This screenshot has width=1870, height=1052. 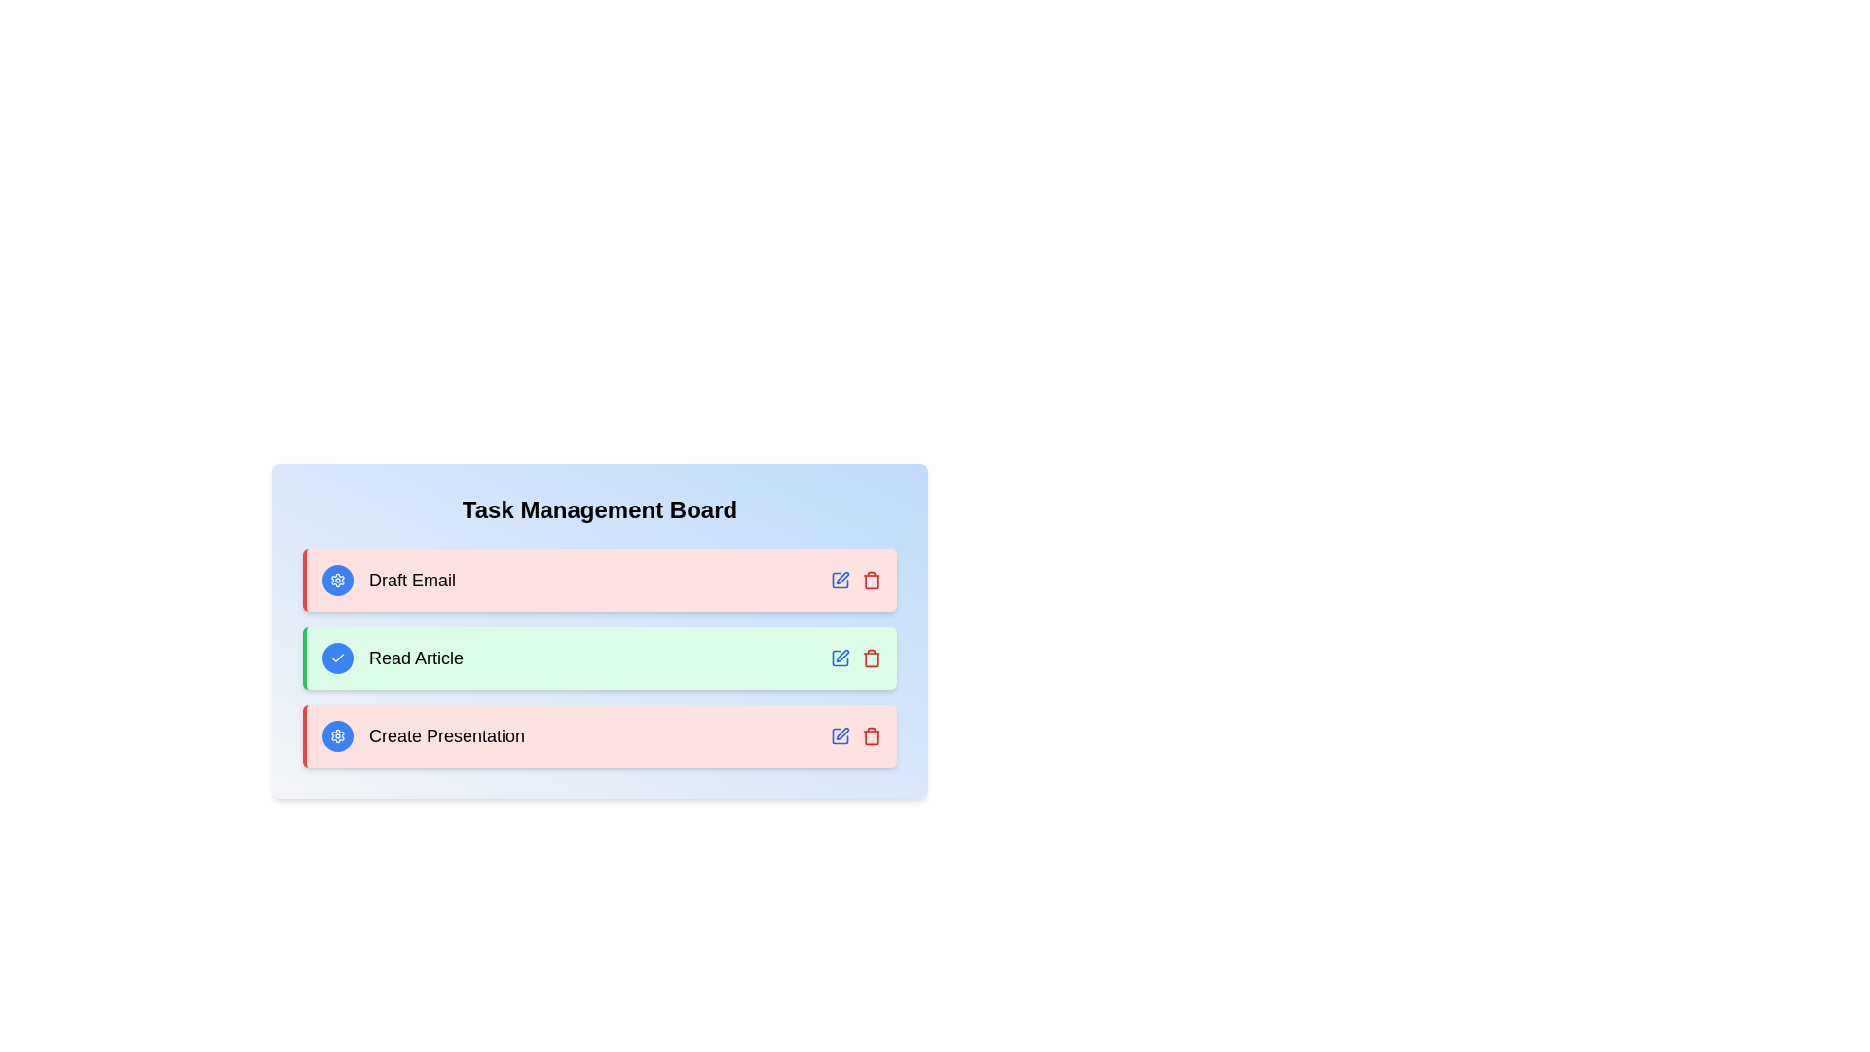 What do you see at coordinates (870, 657) in the screenshot?
I see `the trash icon to delete the task Read Article` at bounding box center [870, 657].